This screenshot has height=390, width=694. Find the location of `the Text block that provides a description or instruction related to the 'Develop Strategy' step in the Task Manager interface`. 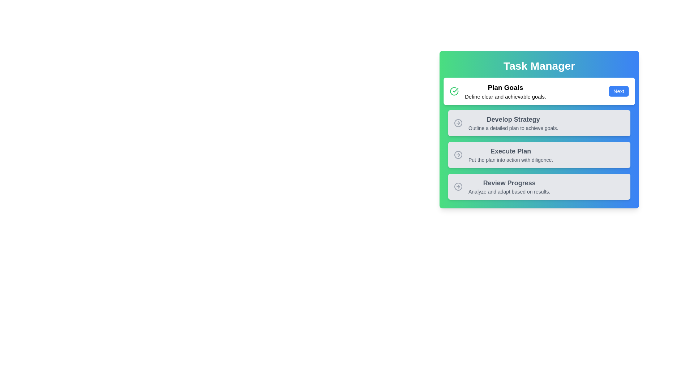

the Text block that provides a description or instruction related to the 'Develop Strategy' step in the Task Manager interface is located at coordinates (513, 127).